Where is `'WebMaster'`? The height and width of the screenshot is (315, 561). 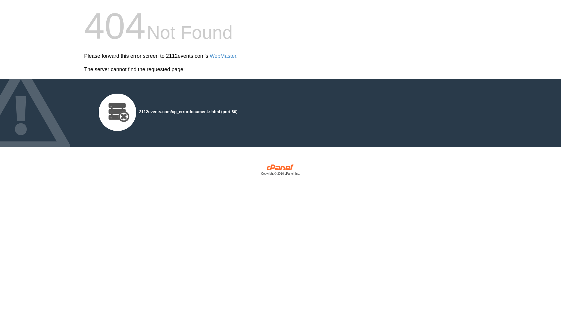 'WebMaster' is located at coordinates (223, 56).